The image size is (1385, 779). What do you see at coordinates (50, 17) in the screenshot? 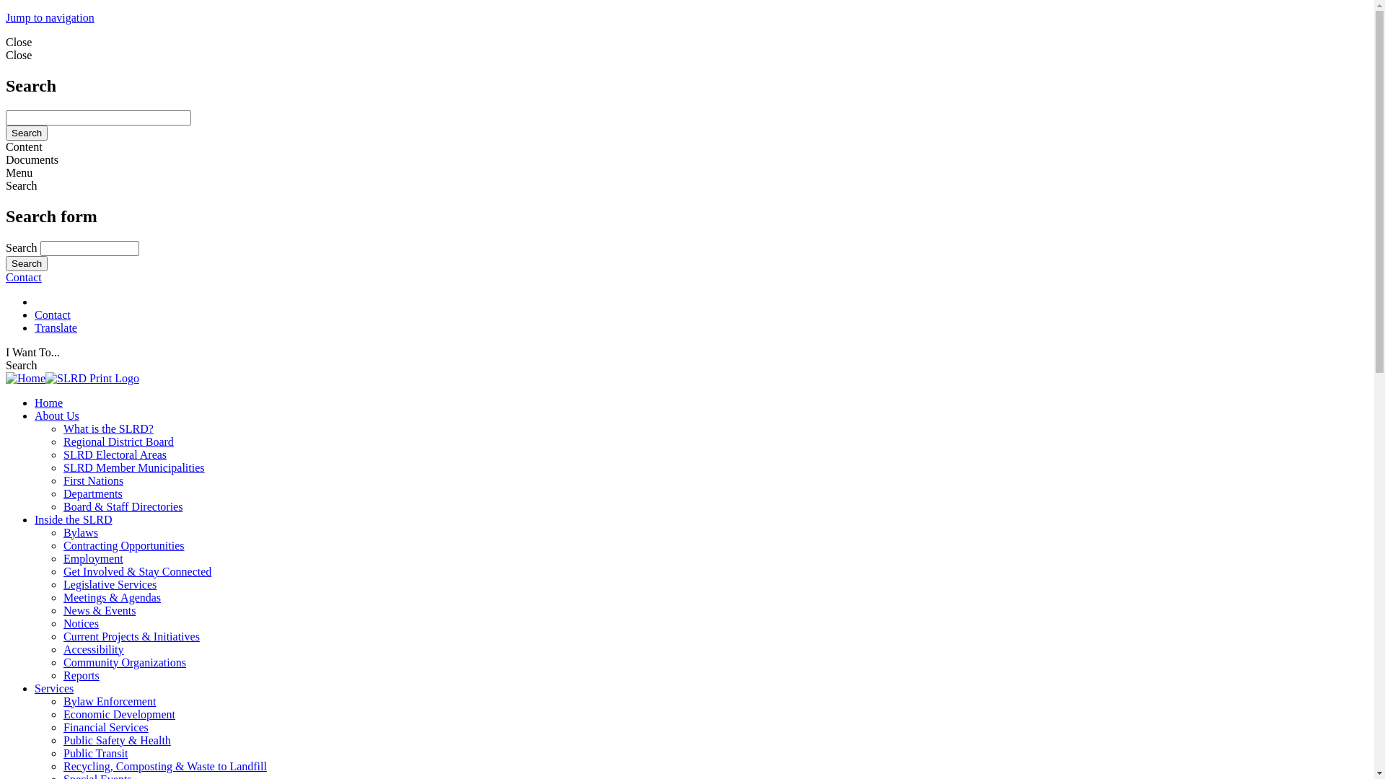
I see `'Jump to navigation'` at bounding box center [50, 17].